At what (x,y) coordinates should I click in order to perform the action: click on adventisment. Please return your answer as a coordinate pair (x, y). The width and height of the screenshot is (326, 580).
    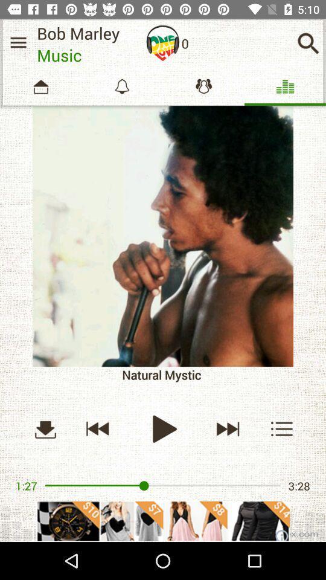
    Looking at the image, I should click on (163, 520).